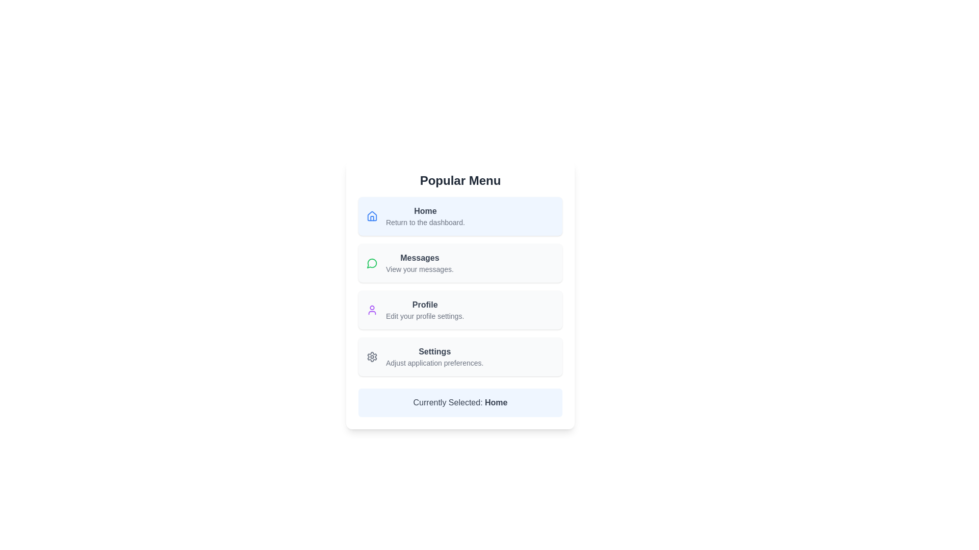 Image resolution: width=979 pixels, height=550 pixels. I want to click on the menu item labeled Settings, so click(459, 356).